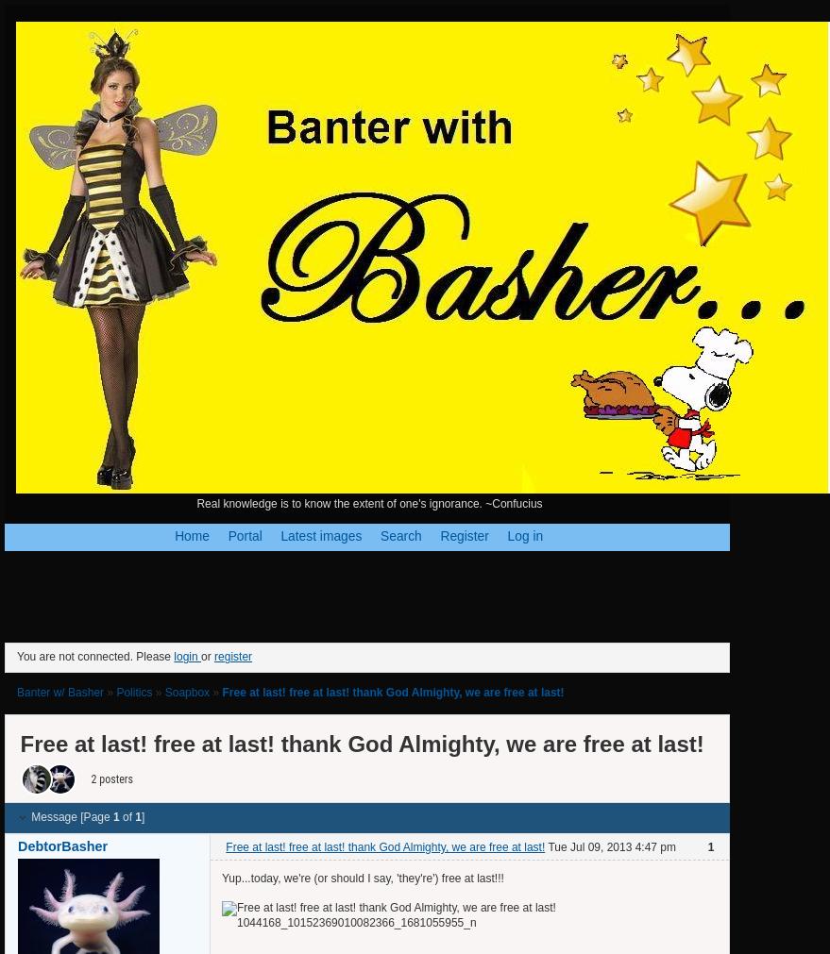  I want to click on 'Message [Page', so click(68, 817).